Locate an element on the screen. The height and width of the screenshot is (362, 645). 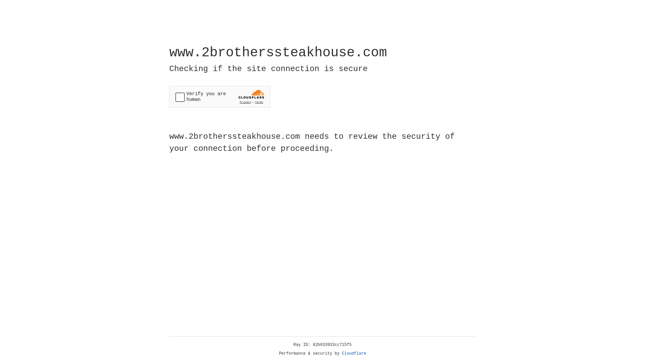
'Cloudflare' is located at coordinates (354, 353).